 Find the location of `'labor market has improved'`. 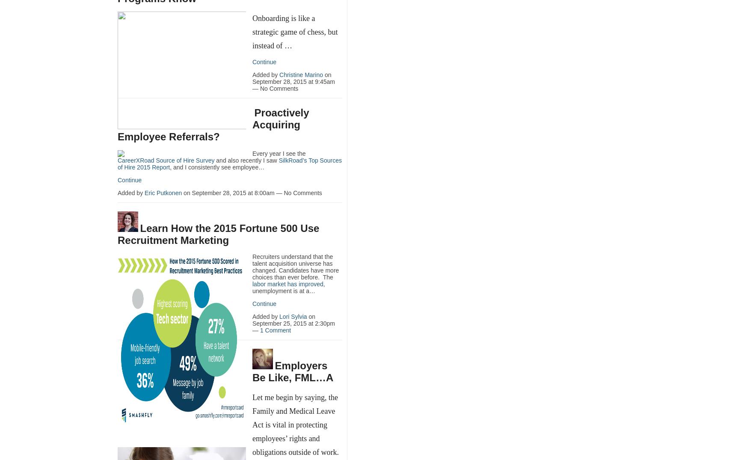

'labor market has improved' is located at coordinates (252, 284).